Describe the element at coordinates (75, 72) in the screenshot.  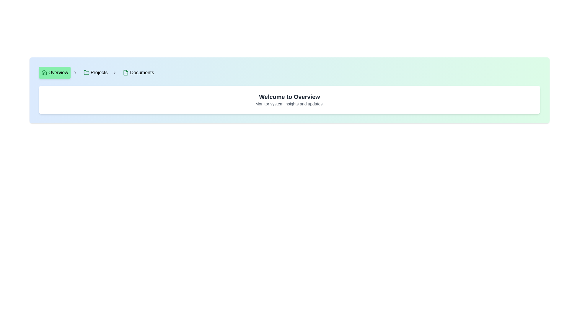
I see `the right-pointing chevron icon, which is styled with a thin stroke and rounded edges, located directly` at that location.